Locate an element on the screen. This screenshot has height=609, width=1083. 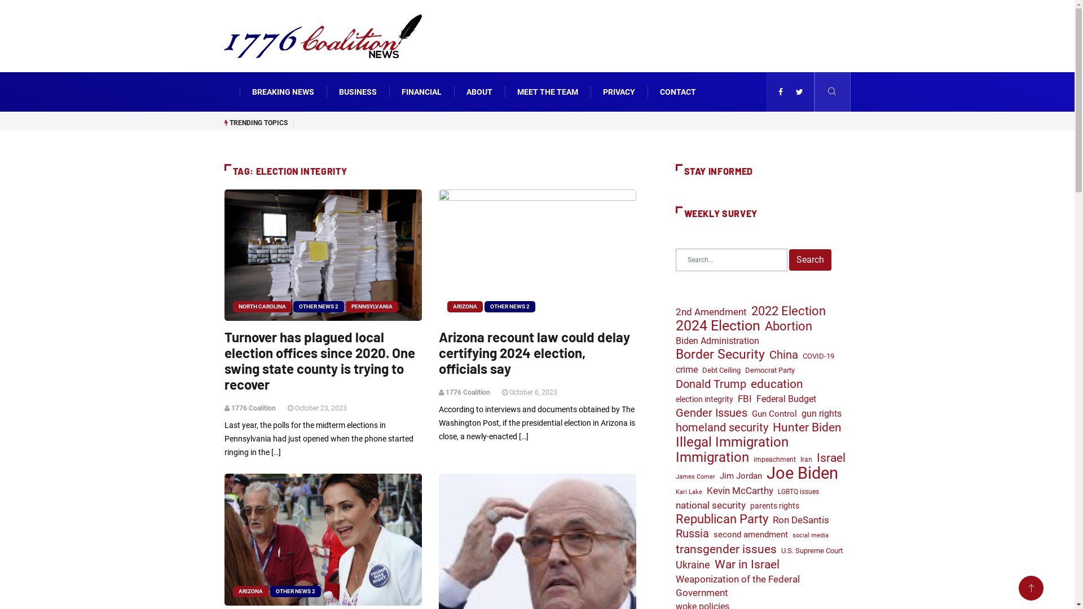
'crime' is located at coordinates (686, 369).